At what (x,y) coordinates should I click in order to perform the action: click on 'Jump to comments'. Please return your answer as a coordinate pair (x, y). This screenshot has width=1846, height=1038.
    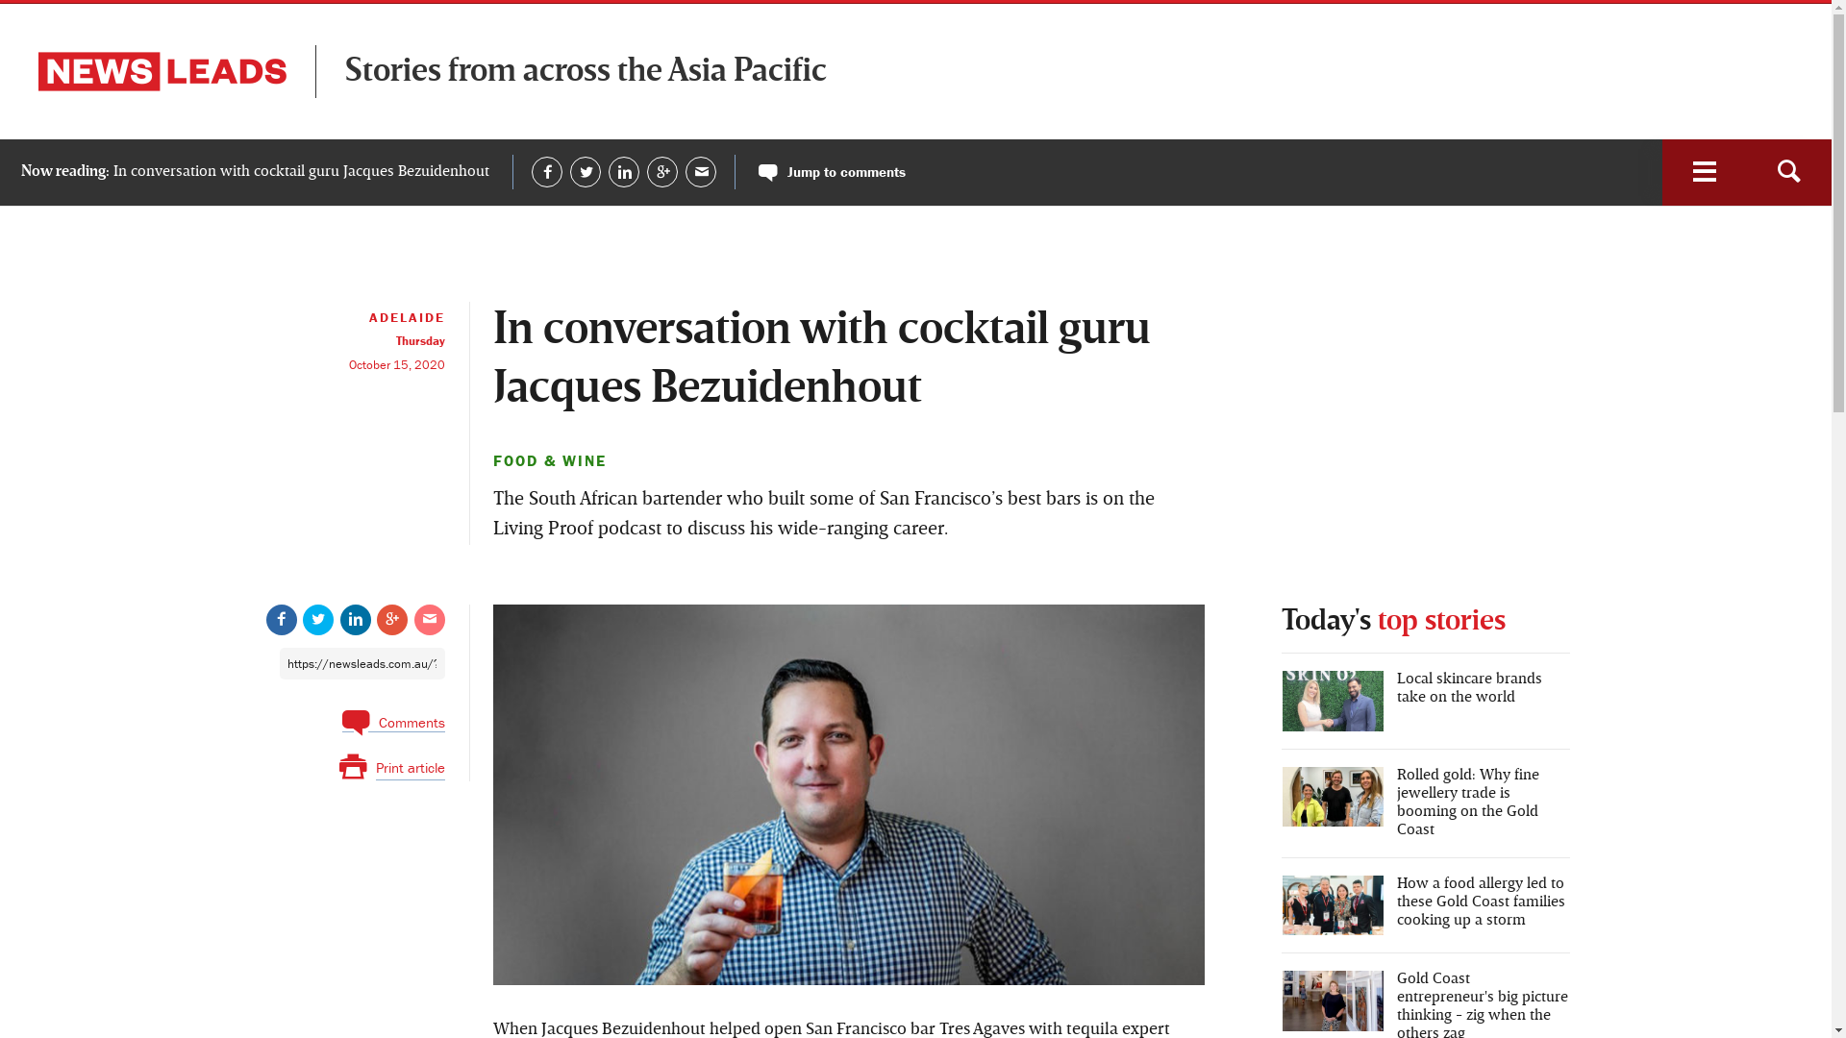
    Looking at the image, I should click on (832, 170).